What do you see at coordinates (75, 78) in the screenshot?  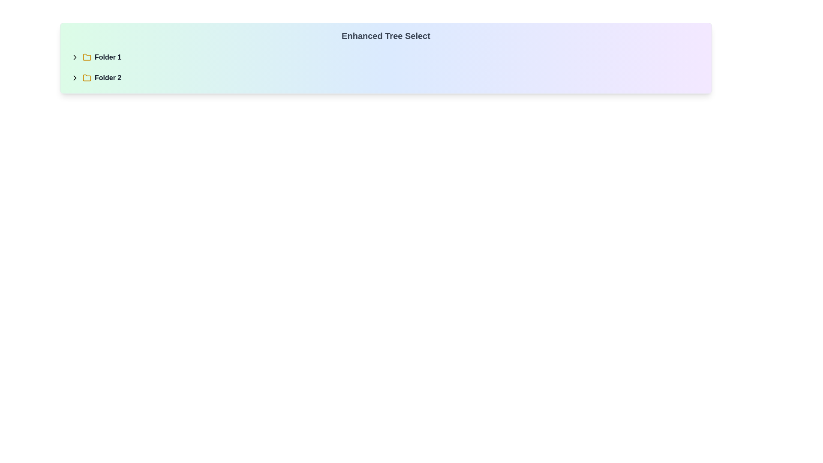 I see `the right-pointing chevron icon located to the left of the 'Folder 2' text` at bounding box center [75, 78].